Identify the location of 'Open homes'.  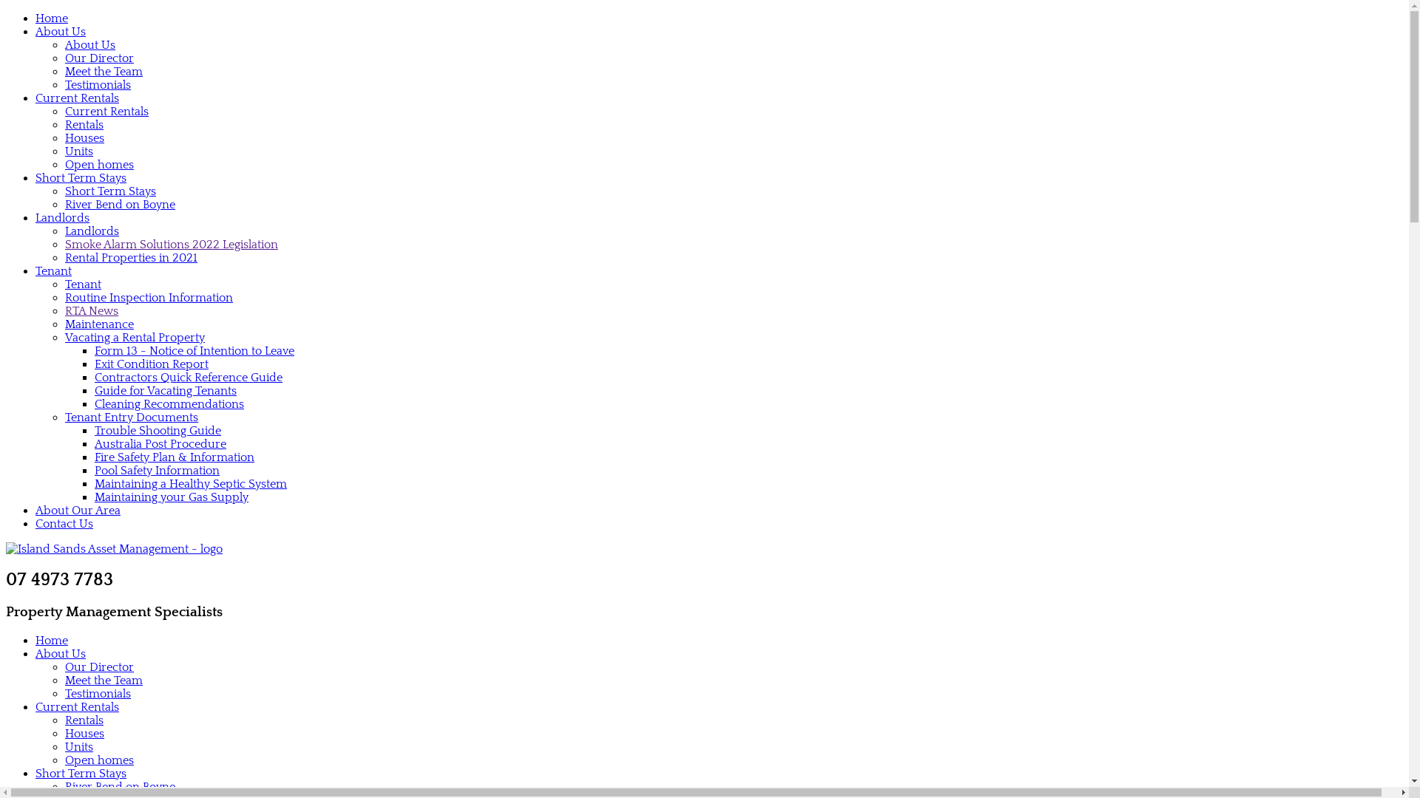
(98, 760).